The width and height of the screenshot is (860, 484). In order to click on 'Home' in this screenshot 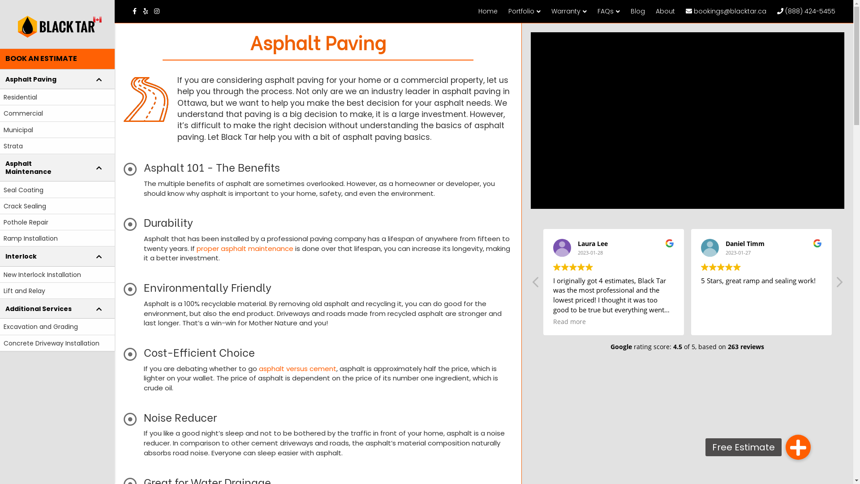, I will do `click(487, 11)`.